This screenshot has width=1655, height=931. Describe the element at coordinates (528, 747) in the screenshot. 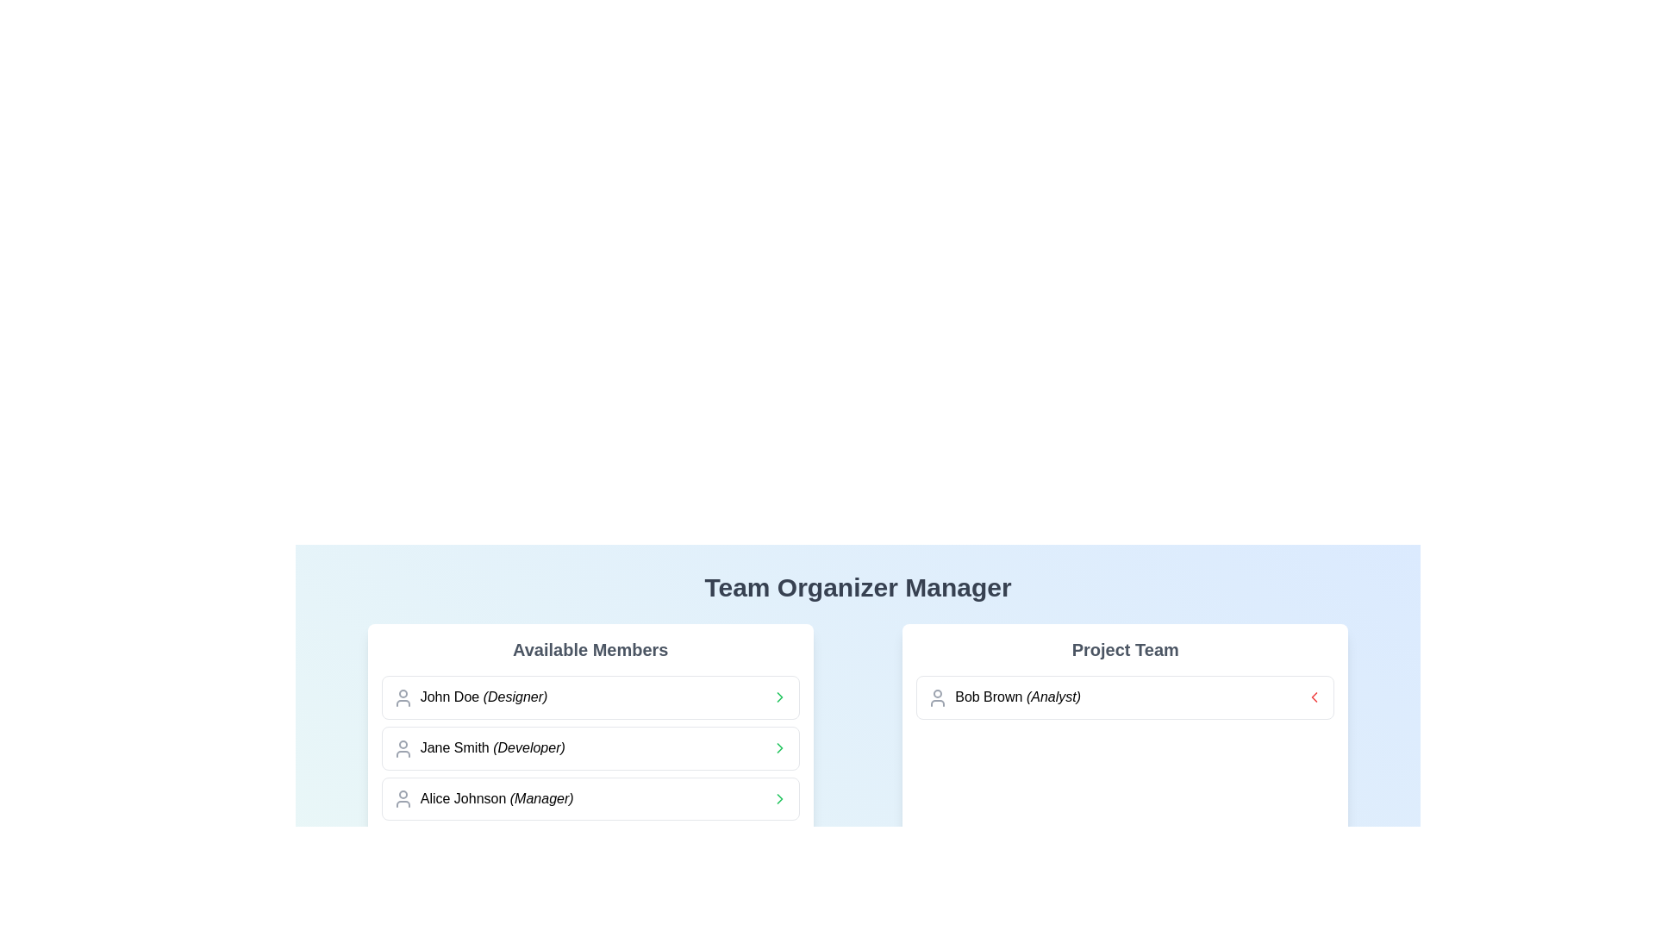

I see `the text label displaying '(Developer)' next to 'Jane Smith' in the 'Available Members' list` at that location.